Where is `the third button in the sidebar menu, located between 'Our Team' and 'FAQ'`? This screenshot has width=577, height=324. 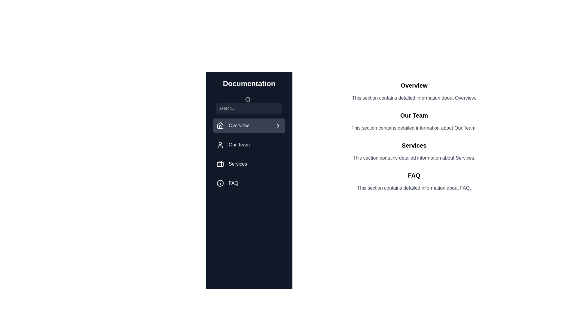 the third button in the sidebar menu, located between 'Our Team' and 'FAQ' is located at coordinates (249, 164).